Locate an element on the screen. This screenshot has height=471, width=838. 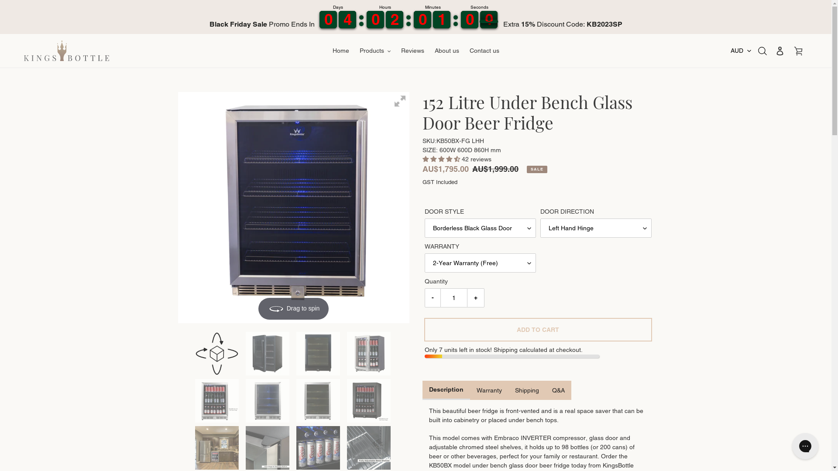
'Search' is located at coordinates (762, 51).